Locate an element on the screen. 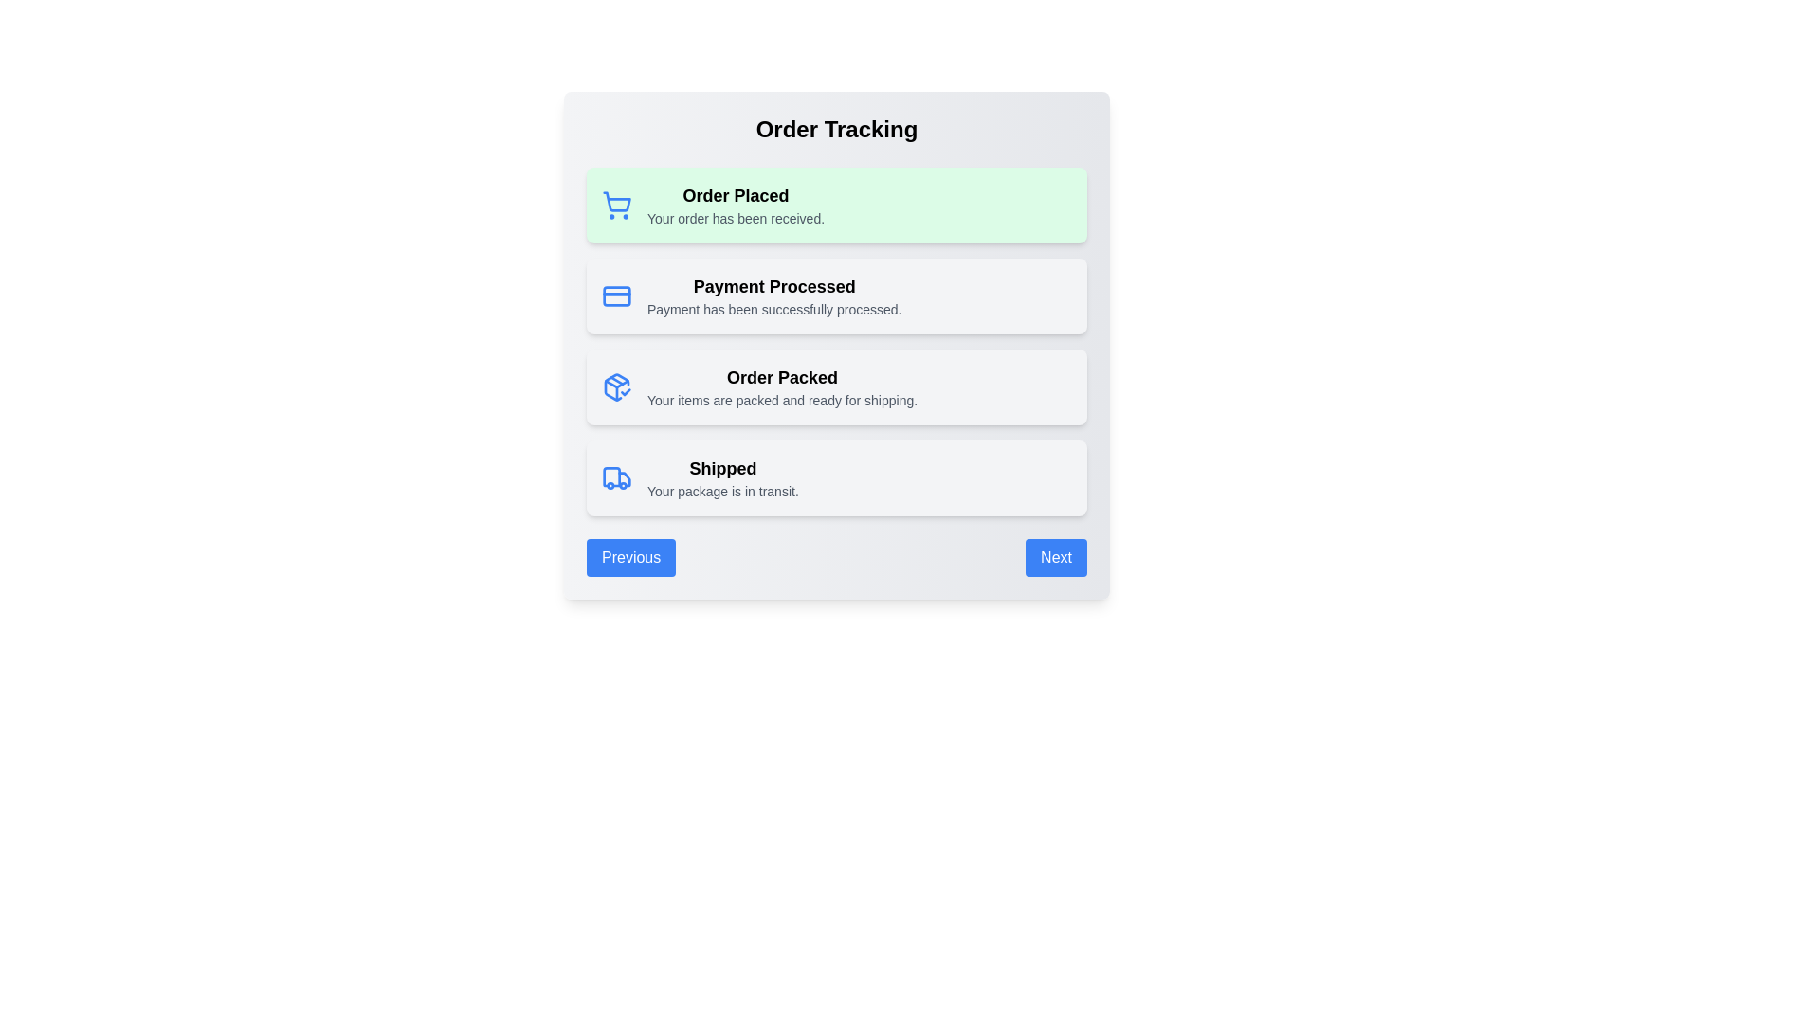 This screenshot has width=1820, height=1023. the decorative rectangle within the 'Payment Processed' credit card icon, which is the second in a vertical list of four status cards is located at coordinates (617, 296).